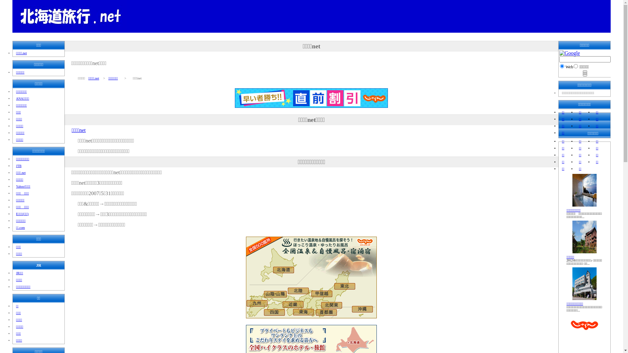 This screenshot has height=353, width=628. I want to click on 'JTB', so click(19, 165).